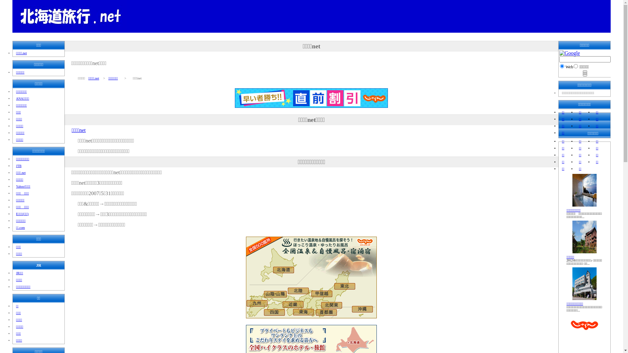 This screenshot has height=353, width=628. I want to click on 'JTB', so click(19, 165).